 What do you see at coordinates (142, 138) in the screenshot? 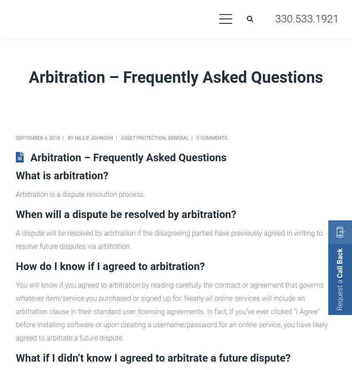
I see `'Asset Protection'` at bounding box center [142, 138].